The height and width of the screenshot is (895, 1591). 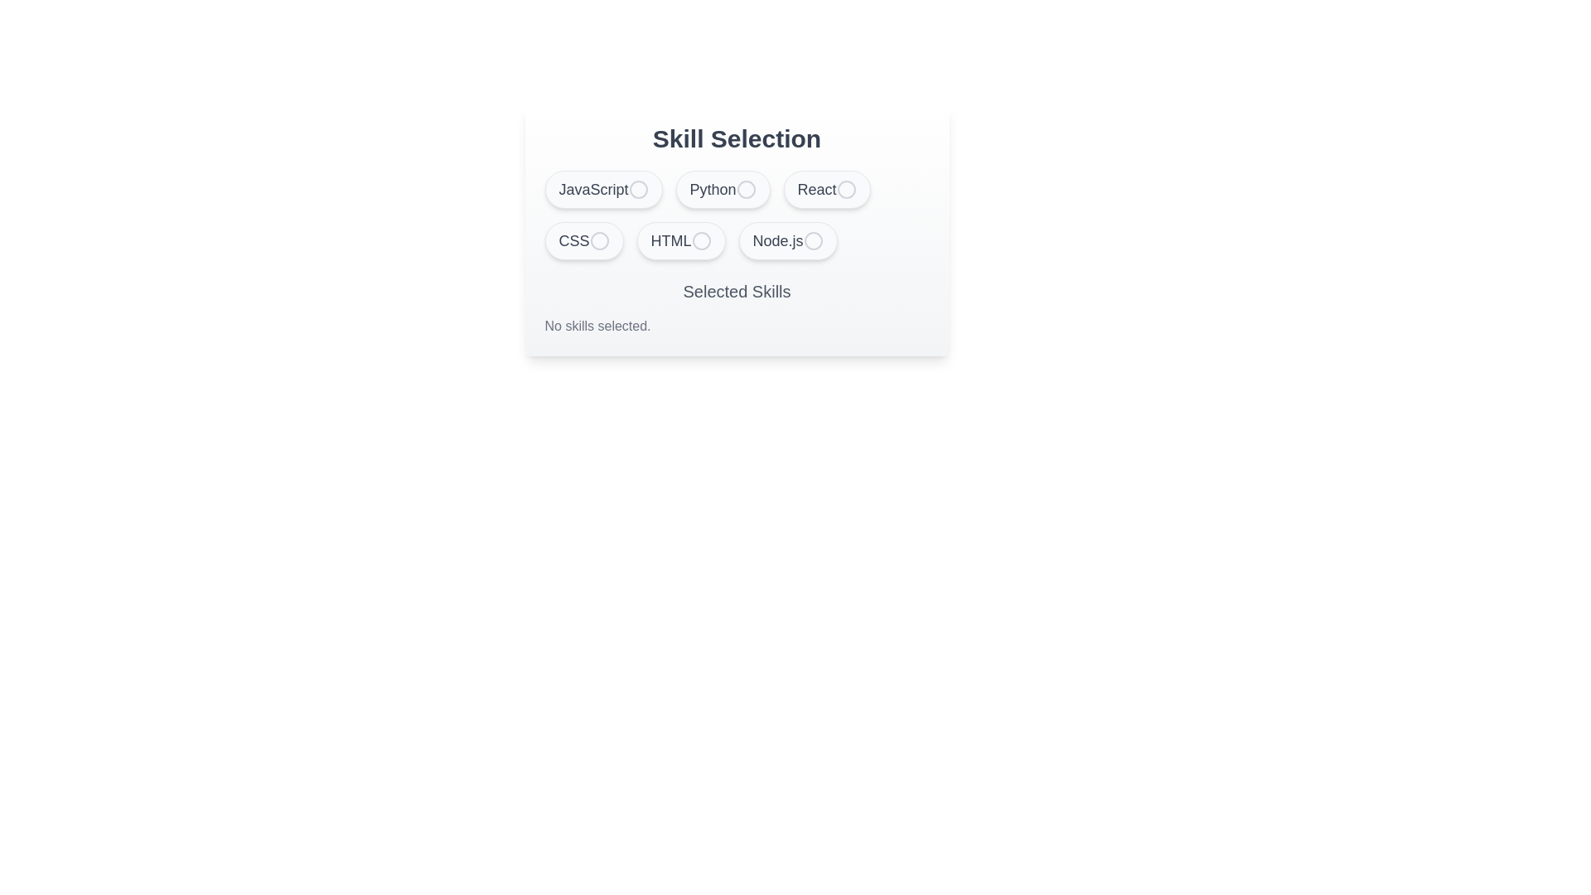 What do you see at coordinates (701, 240) in the screenshot?
I see `the 'HTML' button, which contains a circular shape with a thin border and appears slightly grayed, located in the second row of skill options` at bounding box center [701, 240].